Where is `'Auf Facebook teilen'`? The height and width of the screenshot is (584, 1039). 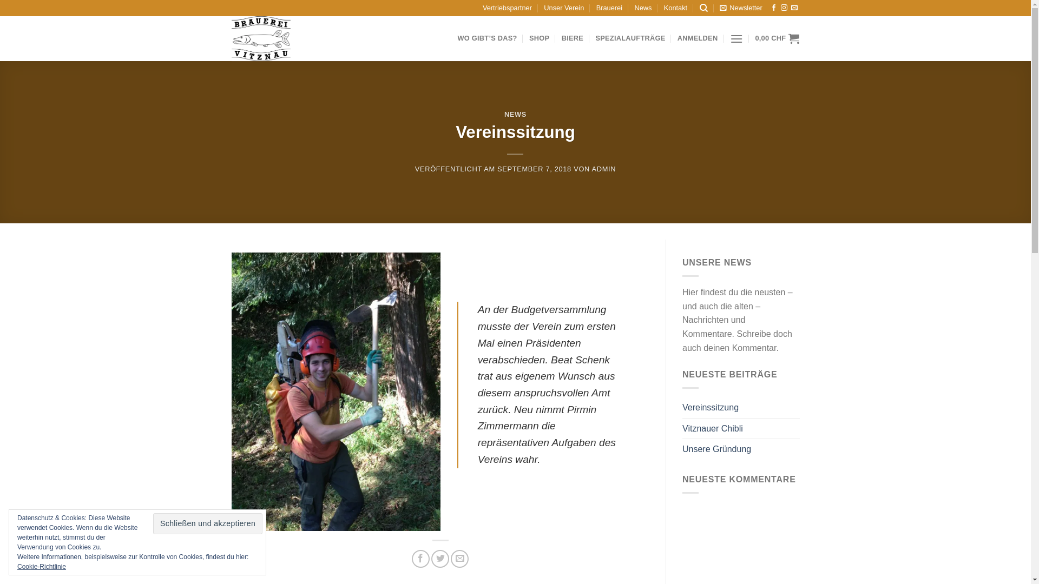
'Auf Facebook teilen' is located at coordinates (420, 559).